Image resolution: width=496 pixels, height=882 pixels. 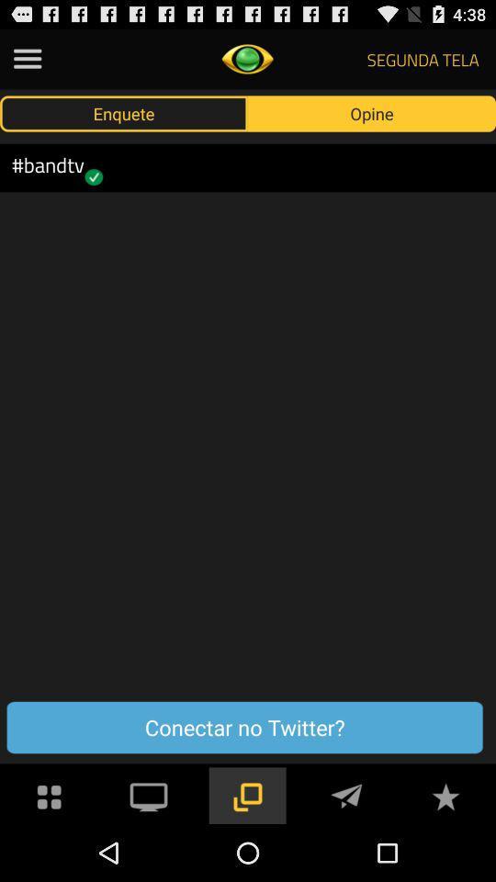 What do you see at coordinates (346, 794) in the screenshot?
I see `the icon below the conectar no twitter?` at bounding box center [346, 794].